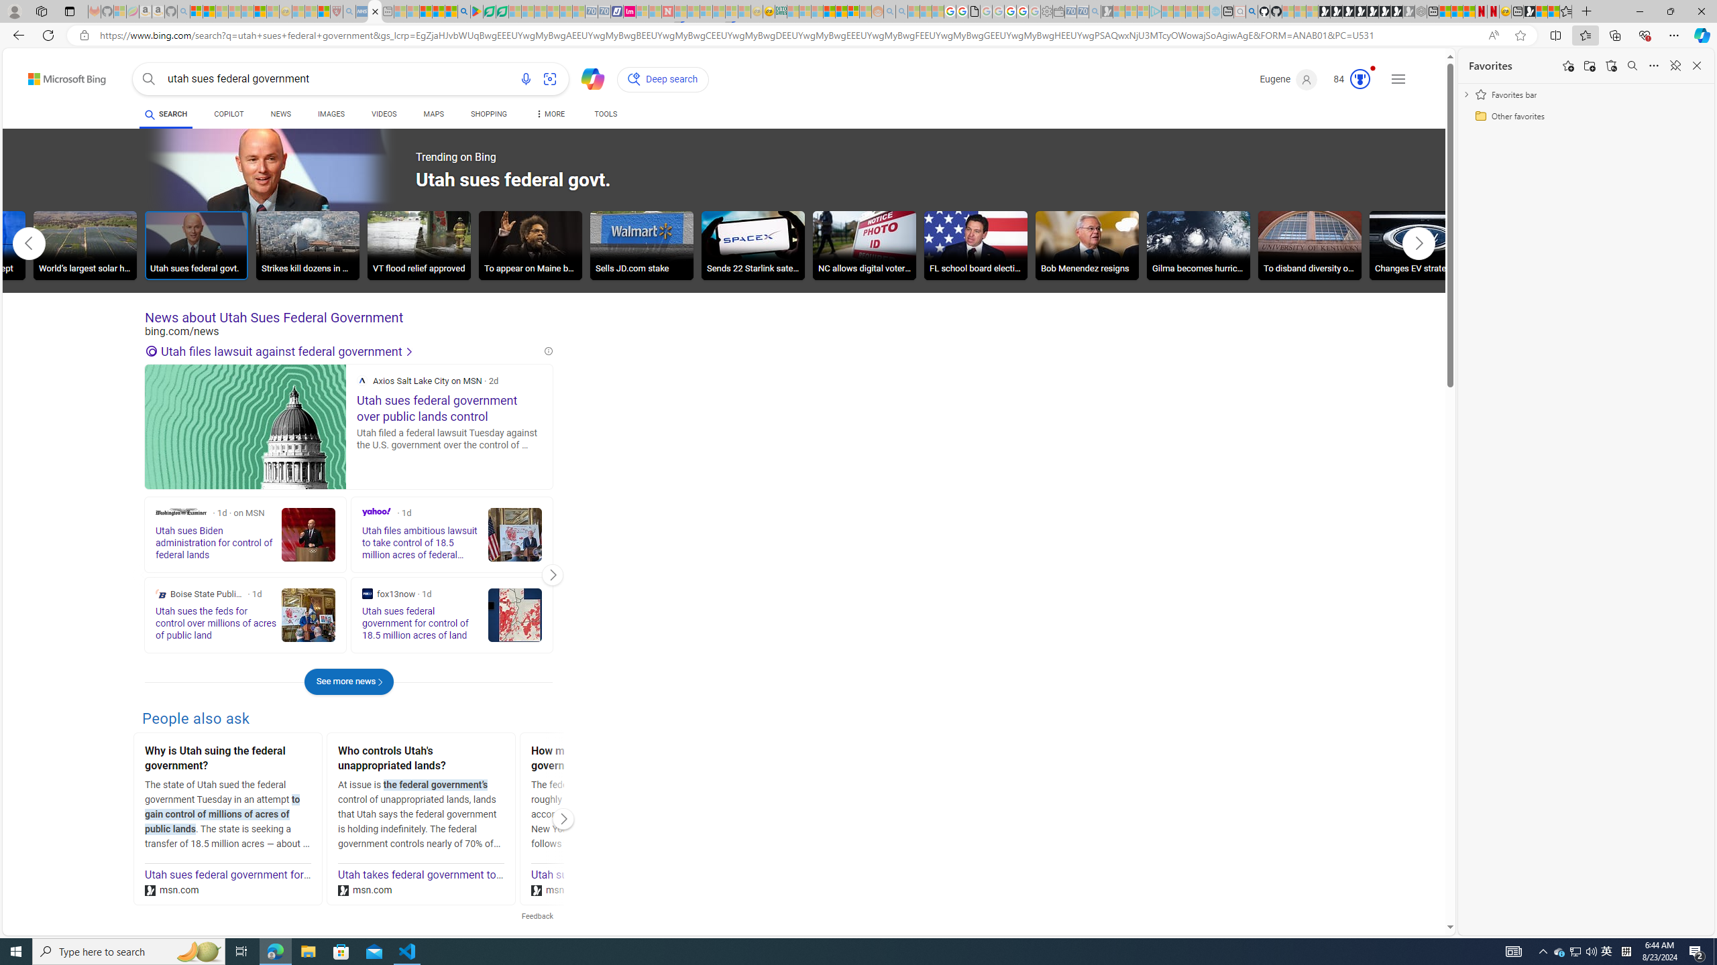 The image size is (1717, 965). What do you see at coordinates (58, 75) in the screenshot?
I see `'Back to Bing search'` at bounding box center [58, 75].